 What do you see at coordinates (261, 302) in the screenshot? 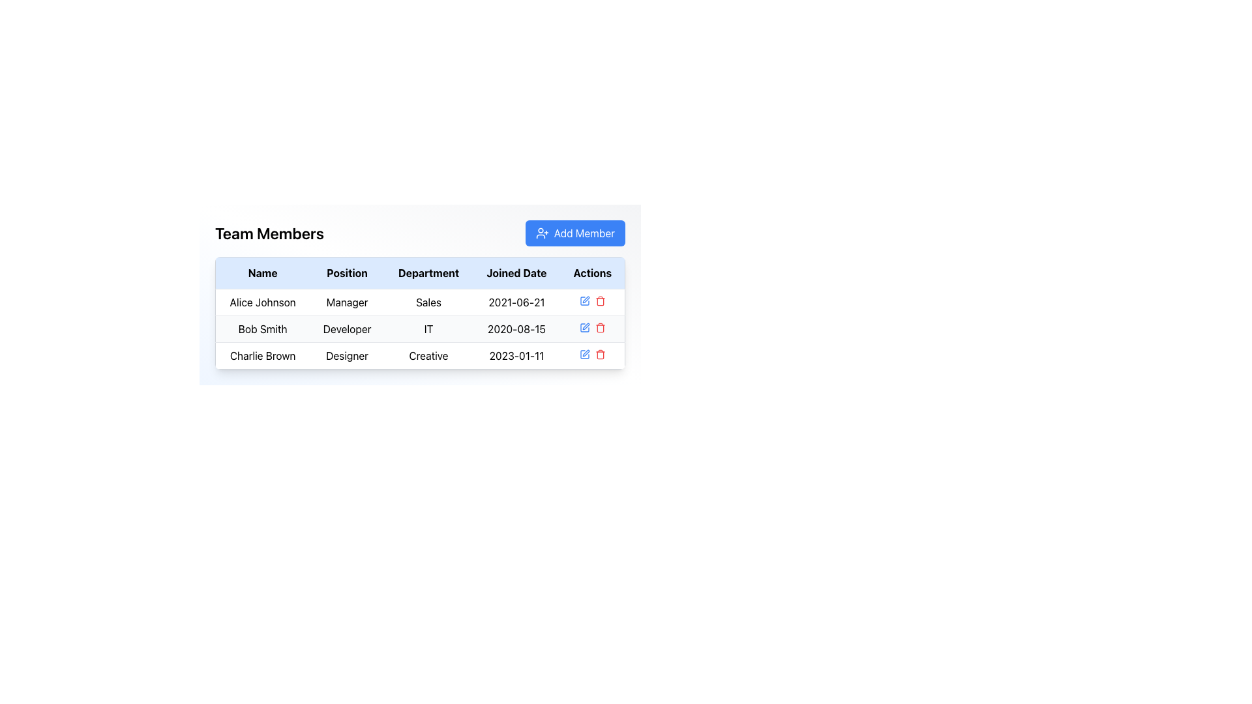
I see `the first team member's name label in the table, which is located under the 'Team Members' heading and aligned with the 'Manager', 'Sales', and '2021-06-21' columns` at bounding box center [261, 302].